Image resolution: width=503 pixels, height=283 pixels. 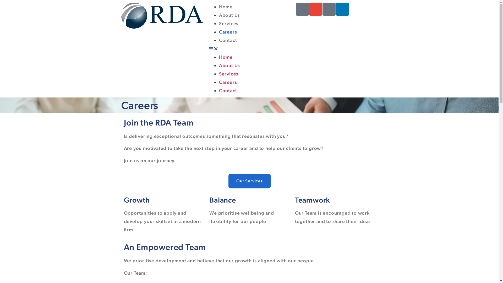 I want to click on 'About Us', so click(x=229, y=65).